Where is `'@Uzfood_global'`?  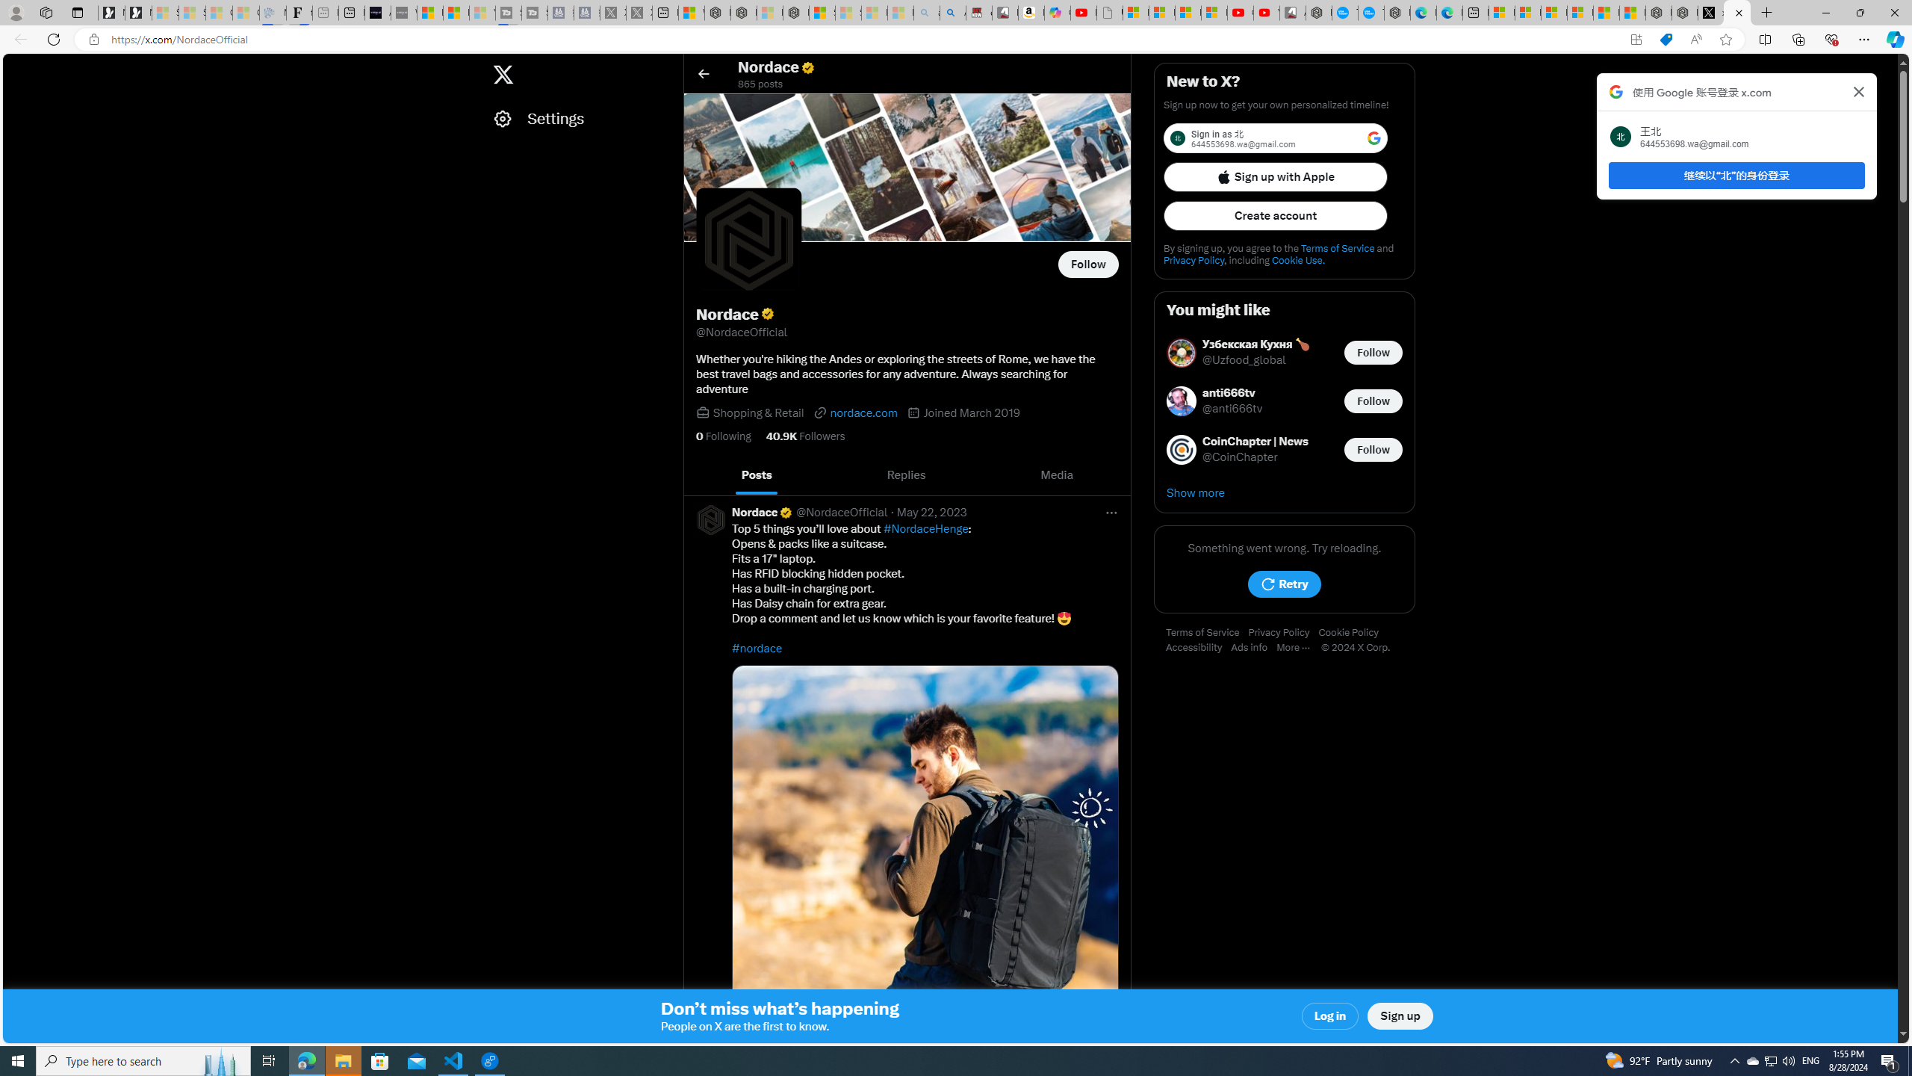 '@Uzfood_global' is located at coordinates (1244, 360).